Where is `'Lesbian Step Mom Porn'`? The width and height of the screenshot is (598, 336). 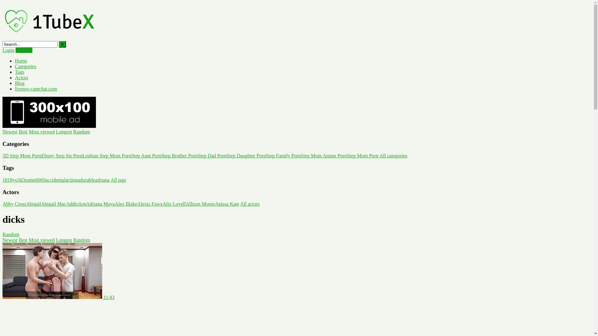
'Lesbian Step Mom Porn' is located at coordinates (107, 155).